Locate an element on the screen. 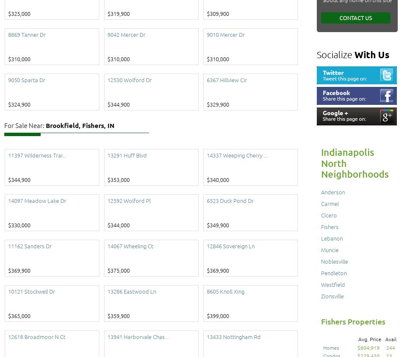  '244' is located at coordinates (390, 347).